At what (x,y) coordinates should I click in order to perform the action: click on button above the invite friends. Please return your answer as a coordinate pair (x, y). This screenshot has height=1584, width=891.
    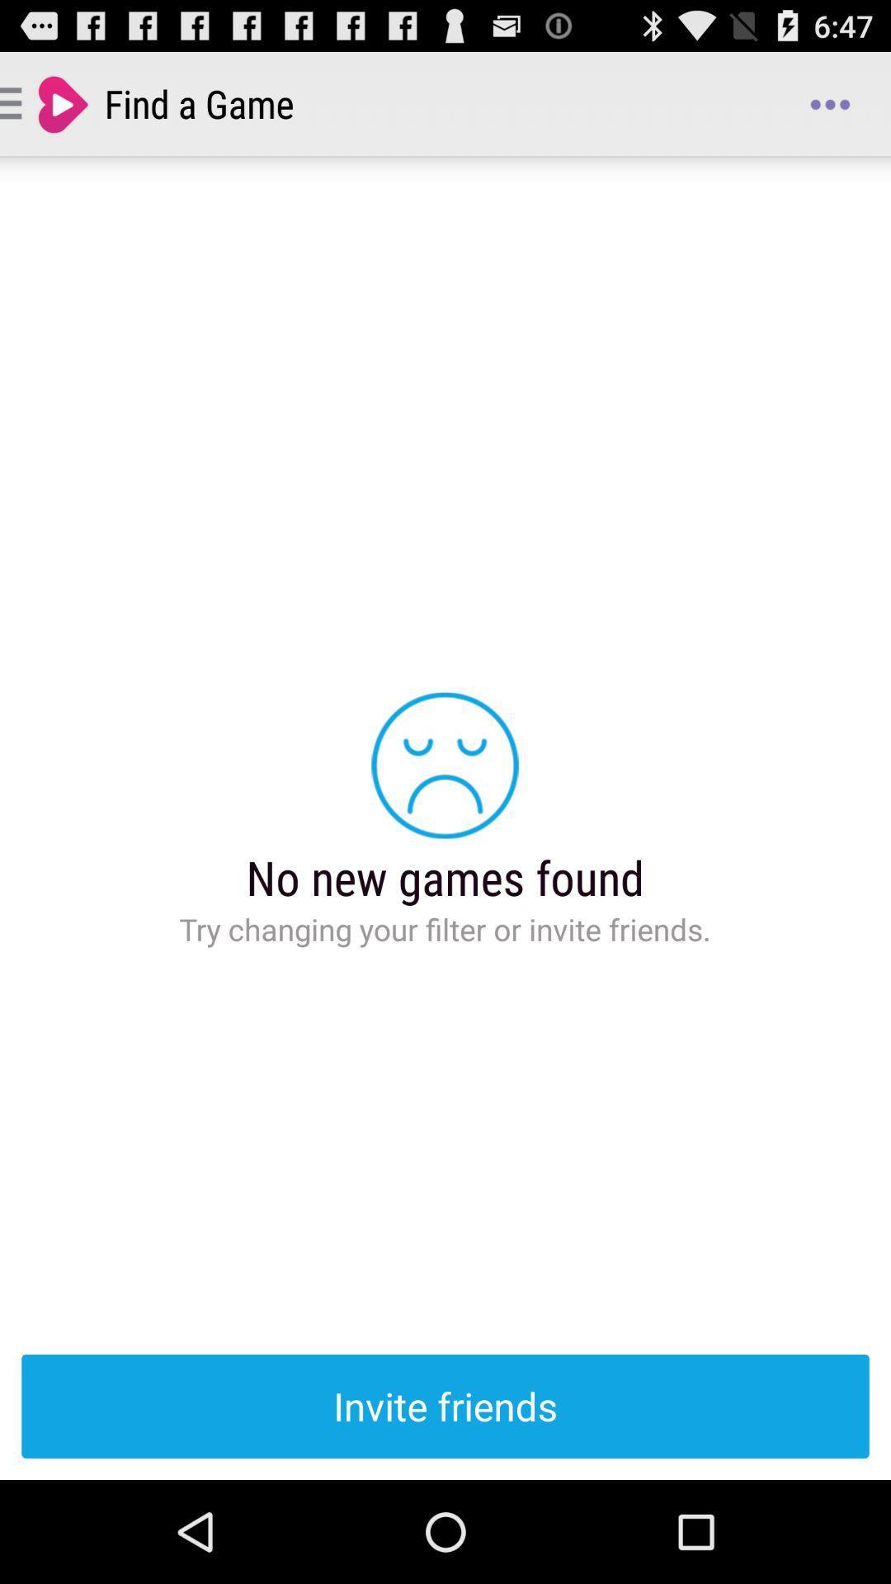
    Looking at the image, I should click on (830, 102).